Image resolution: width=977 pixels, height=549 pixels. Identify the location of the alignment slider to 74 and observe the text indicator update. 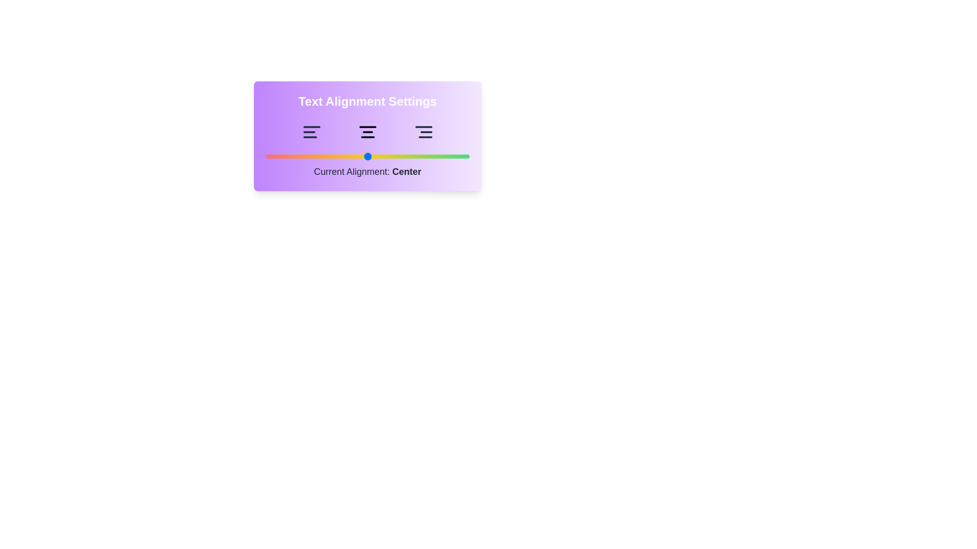
(416, 157).